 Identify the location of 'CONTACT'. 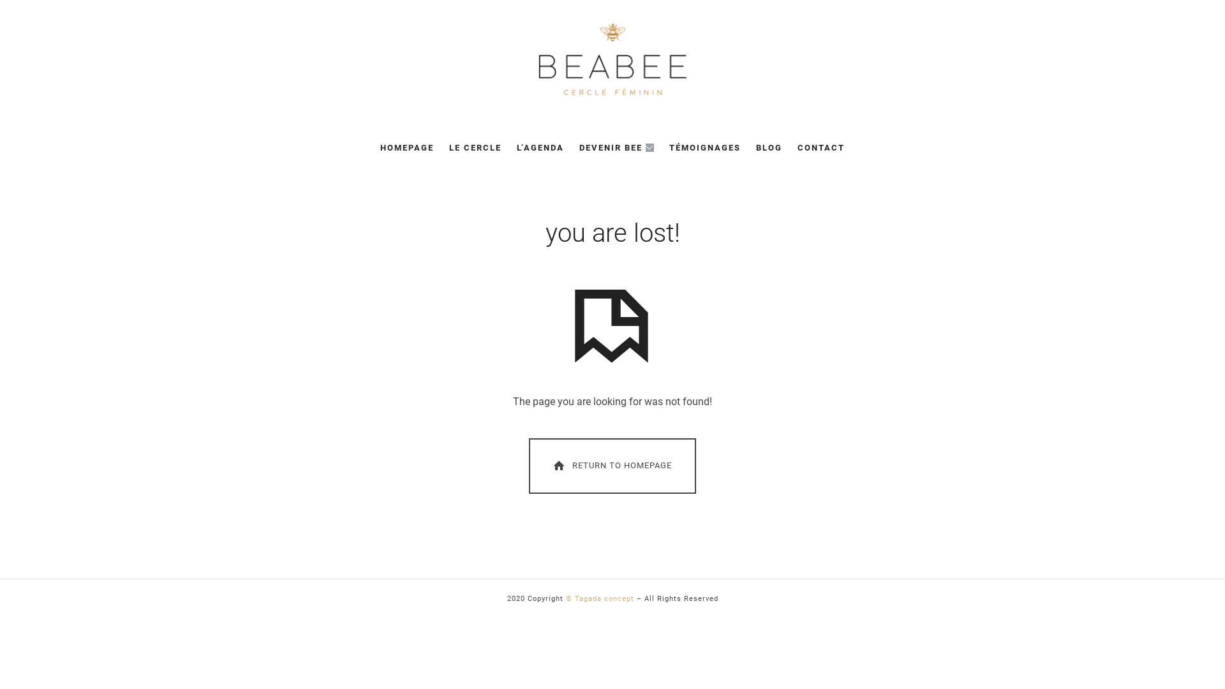
(820, 147).